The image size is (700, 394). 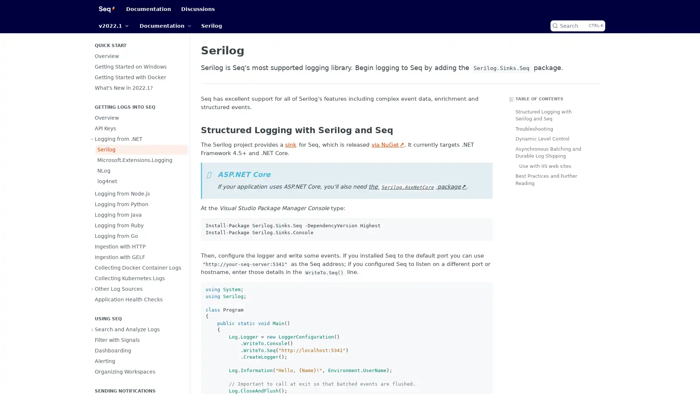 What do you see at coordinates (92, 288) in the screenshot?
I see `Show subpages for Other Log Sources` at bounding box center [92, 288].